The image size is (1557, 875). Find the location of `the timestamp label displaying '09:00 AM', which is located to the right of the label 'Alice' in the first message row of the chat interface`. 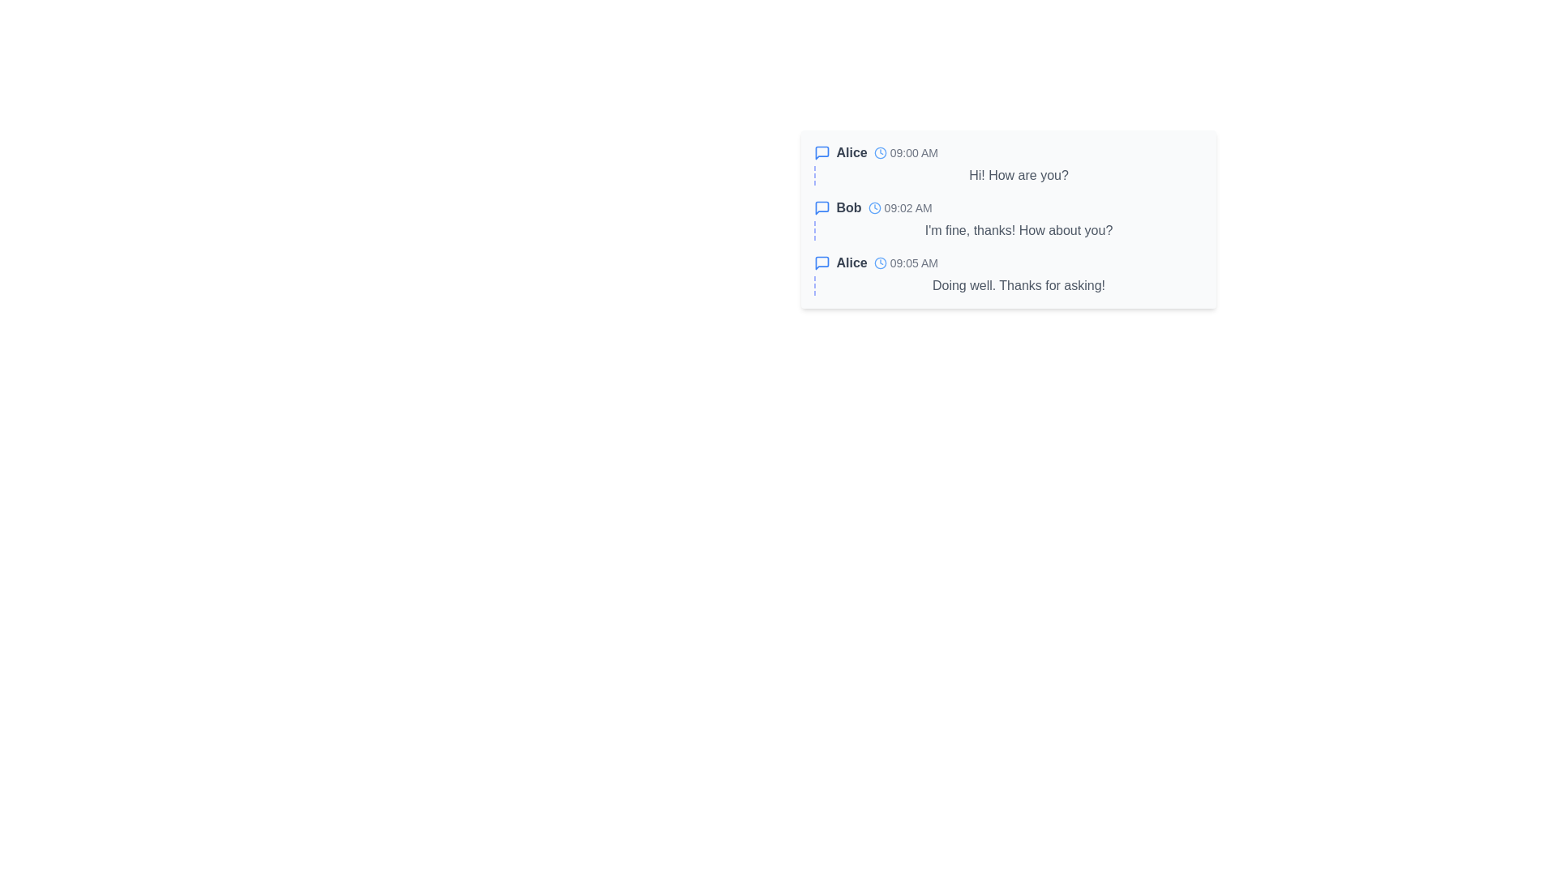

the timestamp label displaying '09:00 AM', which is located to the right of the label 'Alice' in the first message row of the chat interface is located at coordinates (905, 153).